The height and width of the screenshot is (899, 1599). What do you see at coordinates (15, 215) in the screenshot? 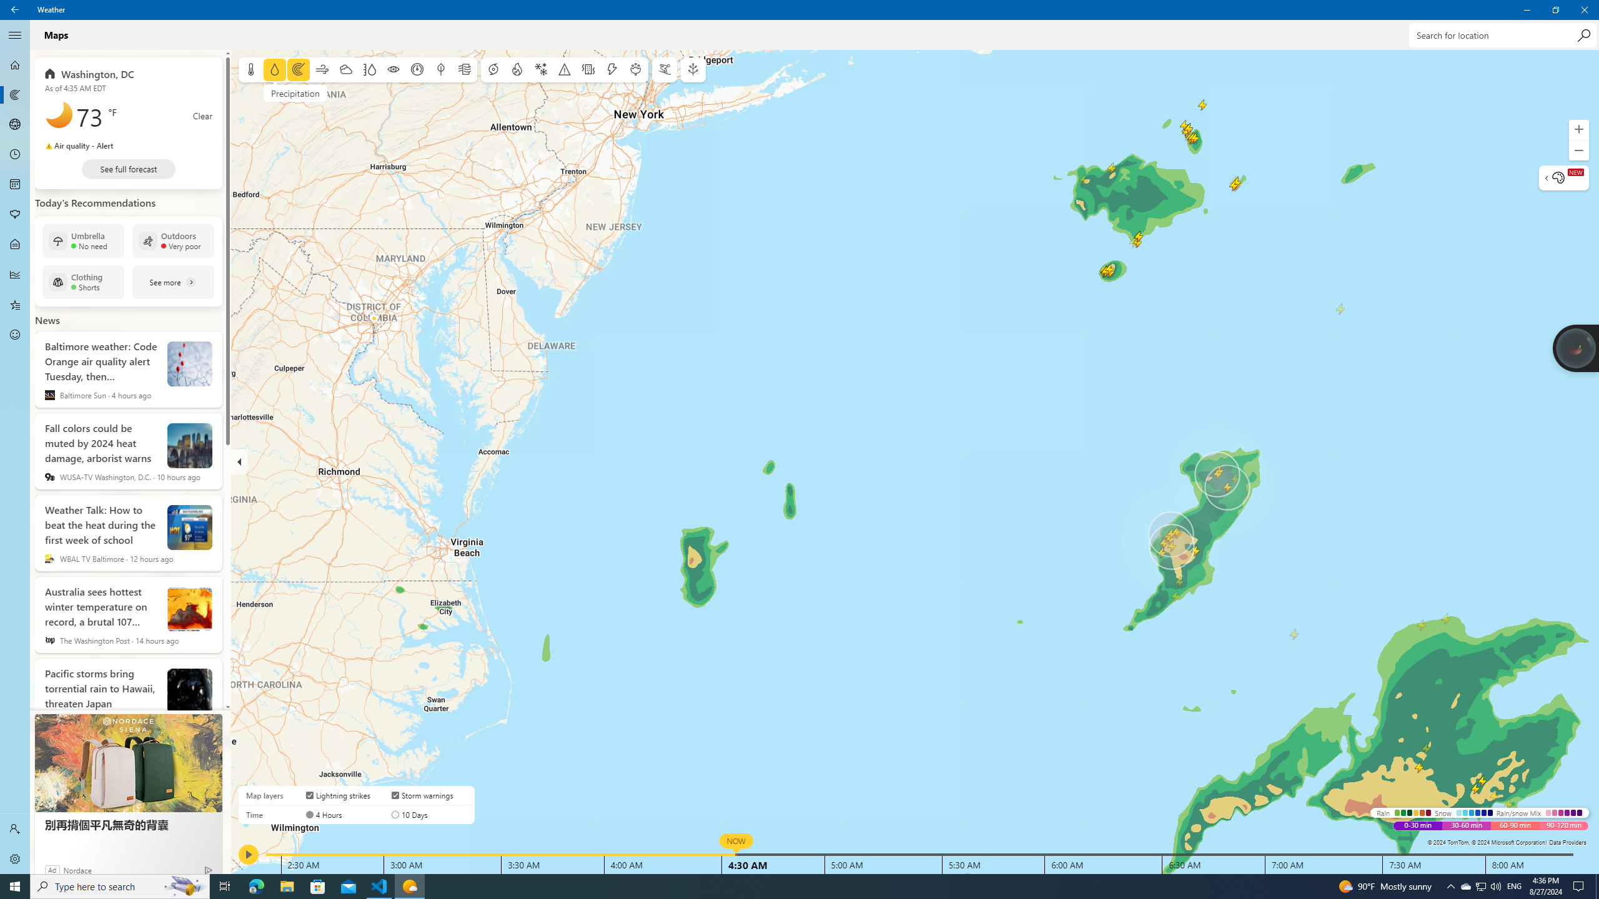
I see `'Pollen - Not Selected'` at bounding box center [15, 215].